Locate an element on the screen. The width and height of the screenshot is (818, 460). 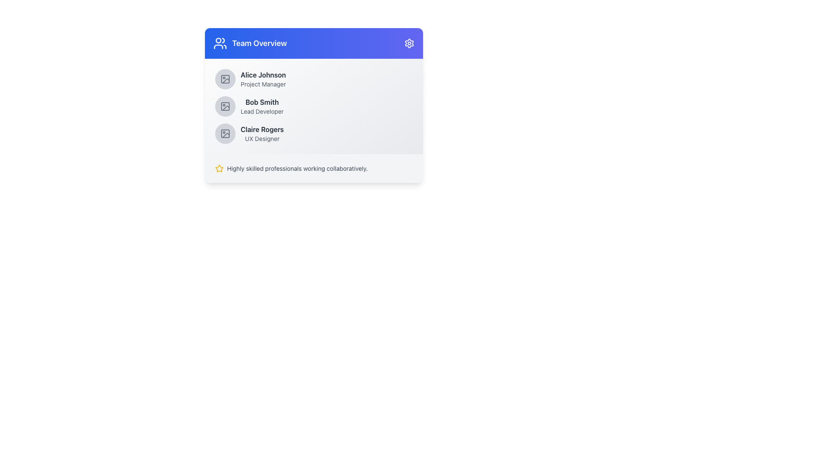
the star icon located is located at coordinates (219, 168).